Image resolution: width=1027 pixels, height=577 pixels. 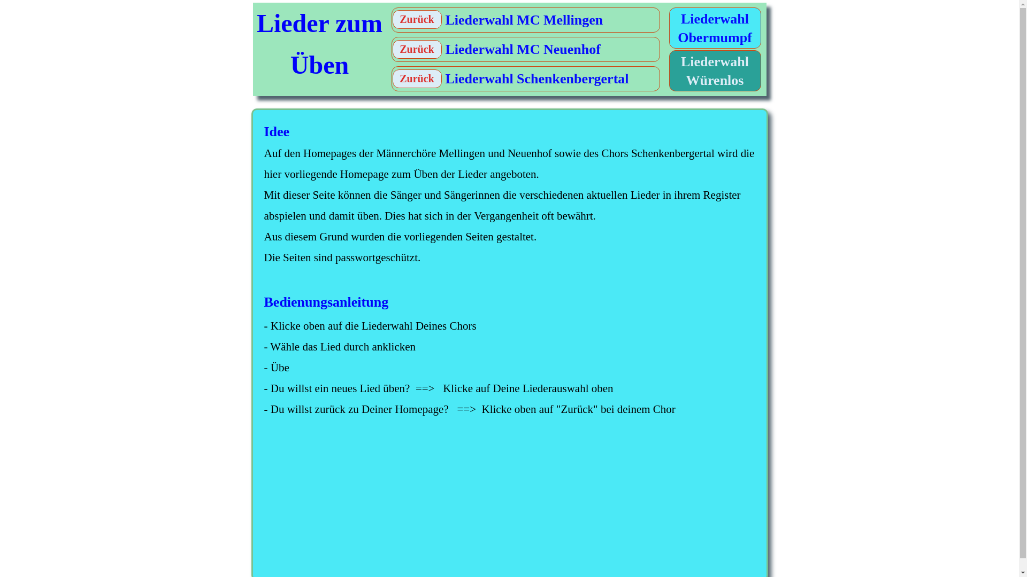 I want to click on 'Liederwahl Obermumpf', so click(x=715, y=28).